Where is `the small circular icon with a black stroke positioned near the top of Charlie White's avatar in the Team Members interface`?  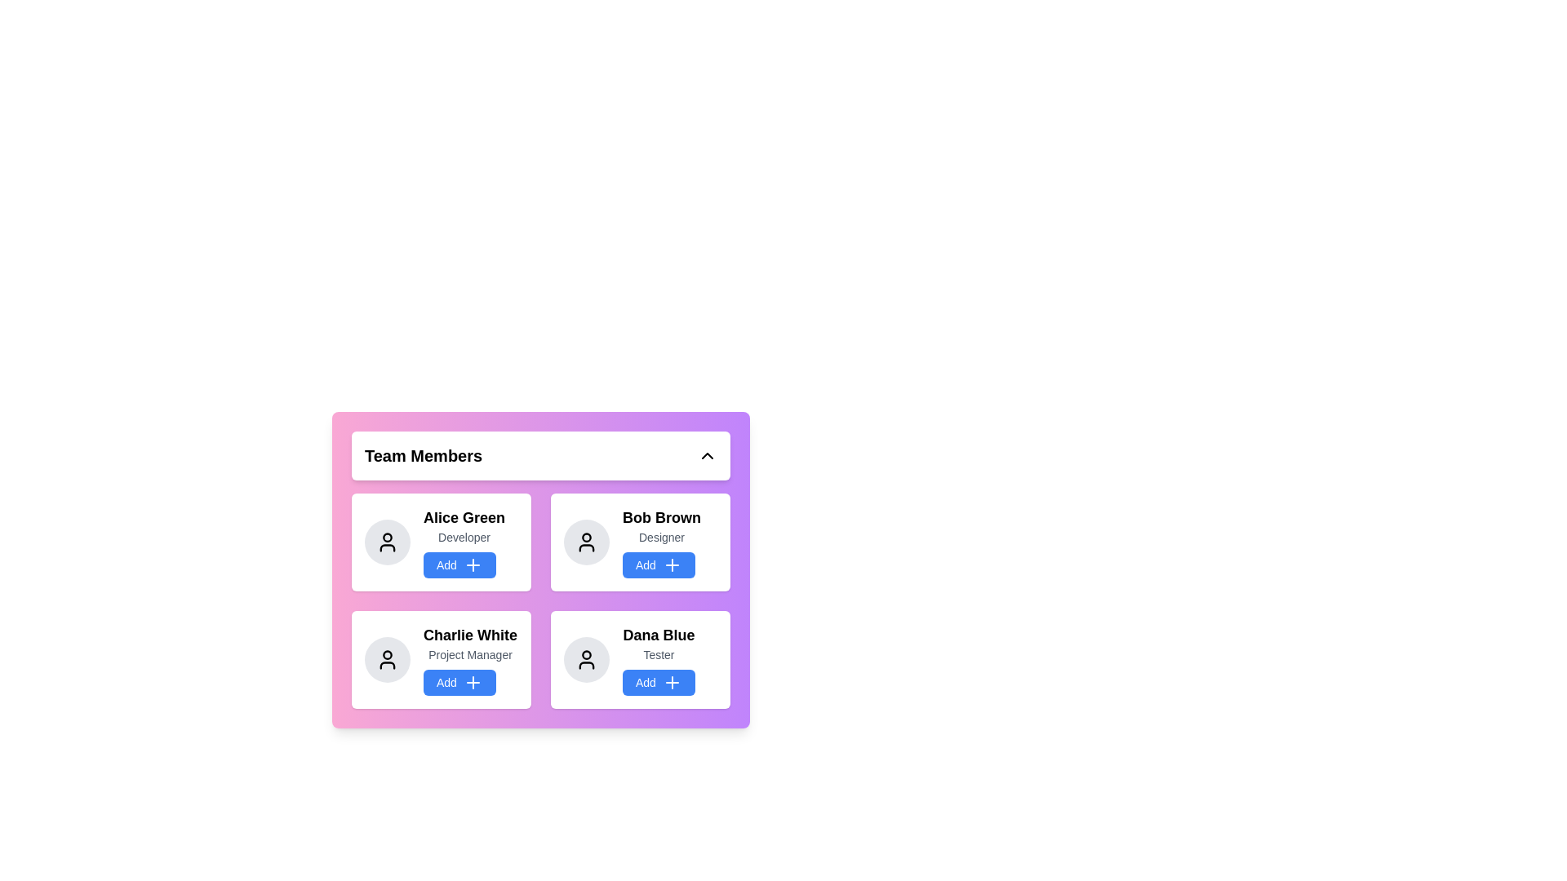
the small circular icon with a black stroke positioned near the top of Charlie White's avatar in the Team Members interface is located at coordinates (387, 653).